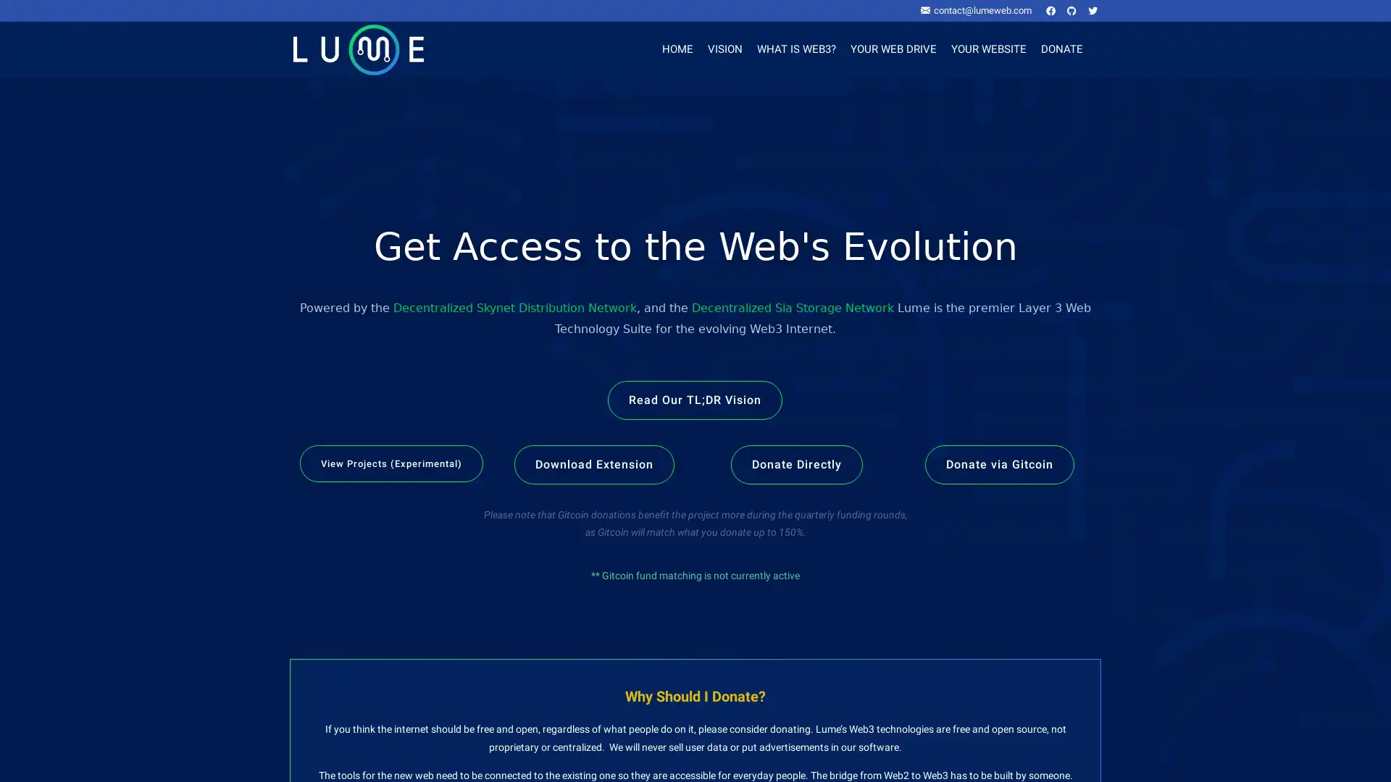  Describe the element at coordinates (999, 463) in the screenshot. I see `Donate via Gitcoin` at that location.